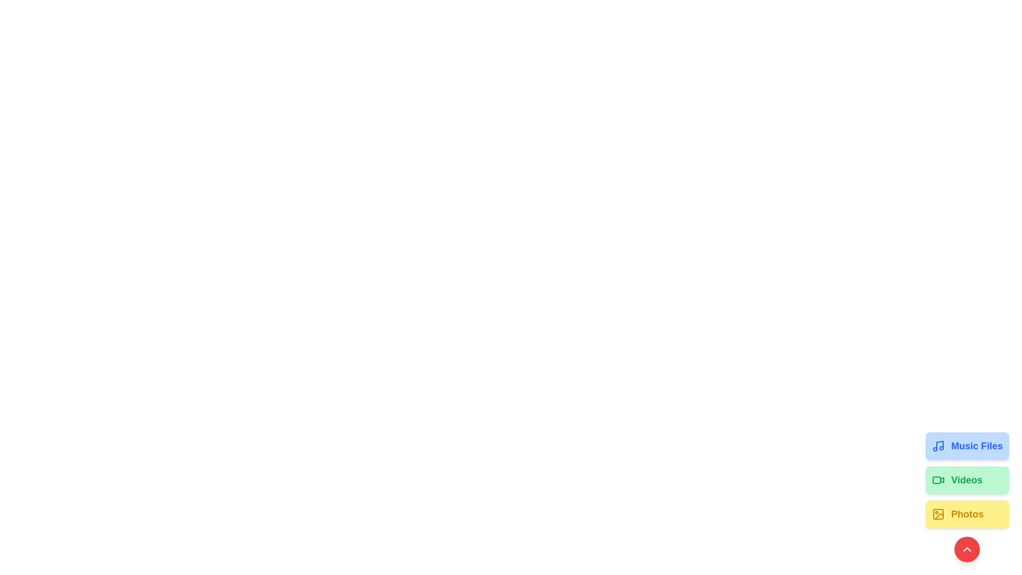 The width and height of the screenshot is (1022, 575). I want to click on the 'Videos' button, so click(967, 480).